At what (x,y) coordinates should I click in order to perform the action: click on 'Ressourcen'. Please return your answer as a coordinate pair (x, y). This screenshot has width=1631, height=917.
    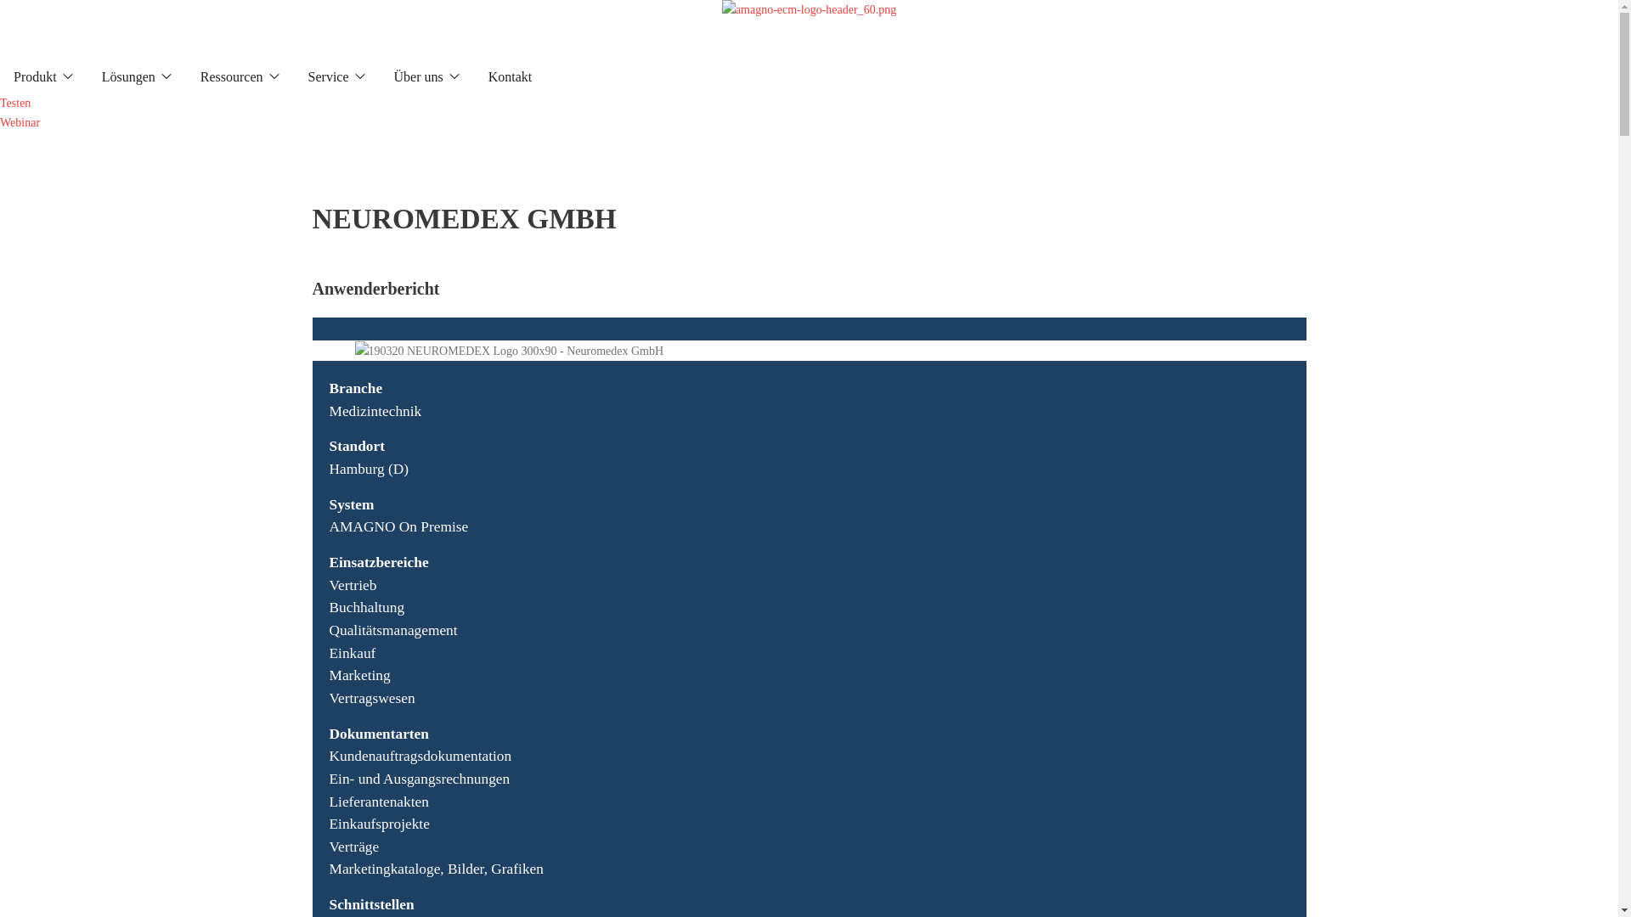
    Looking at the image, I should click on (200, 76).